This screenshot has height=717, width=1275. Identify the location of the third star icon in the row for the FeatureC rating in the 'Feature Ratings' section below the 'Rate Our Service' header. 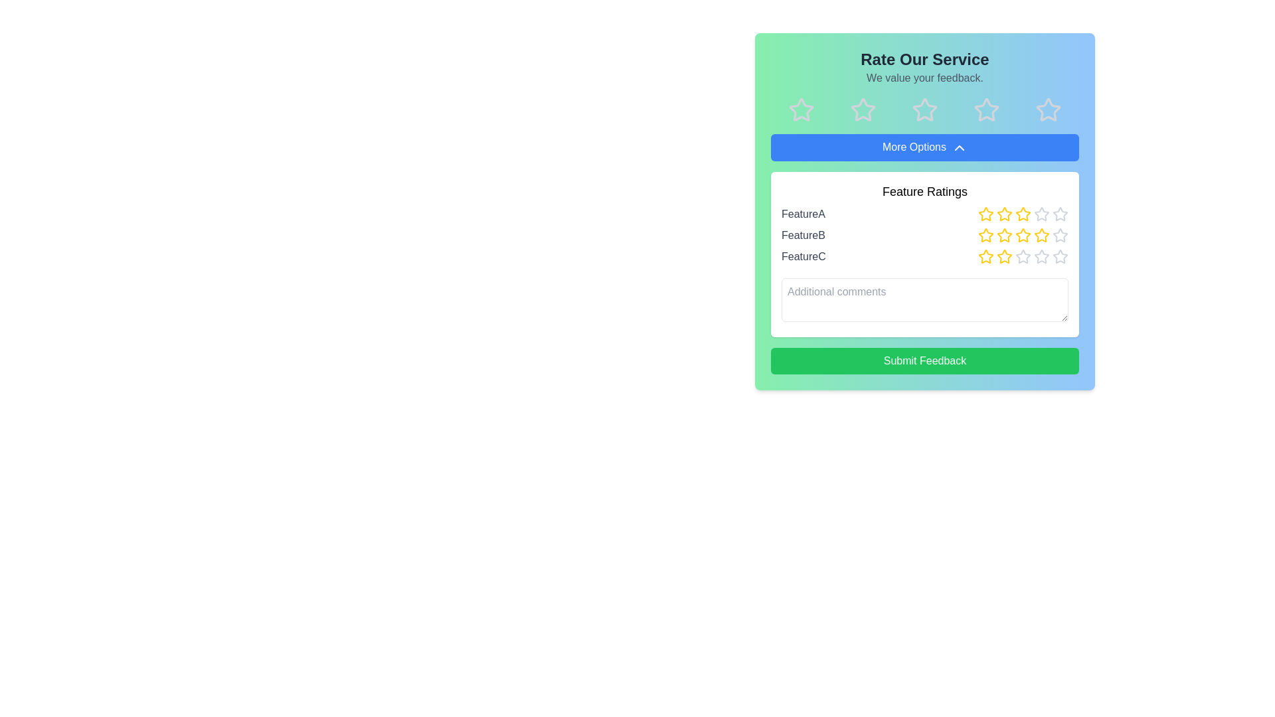
(1004, 256).